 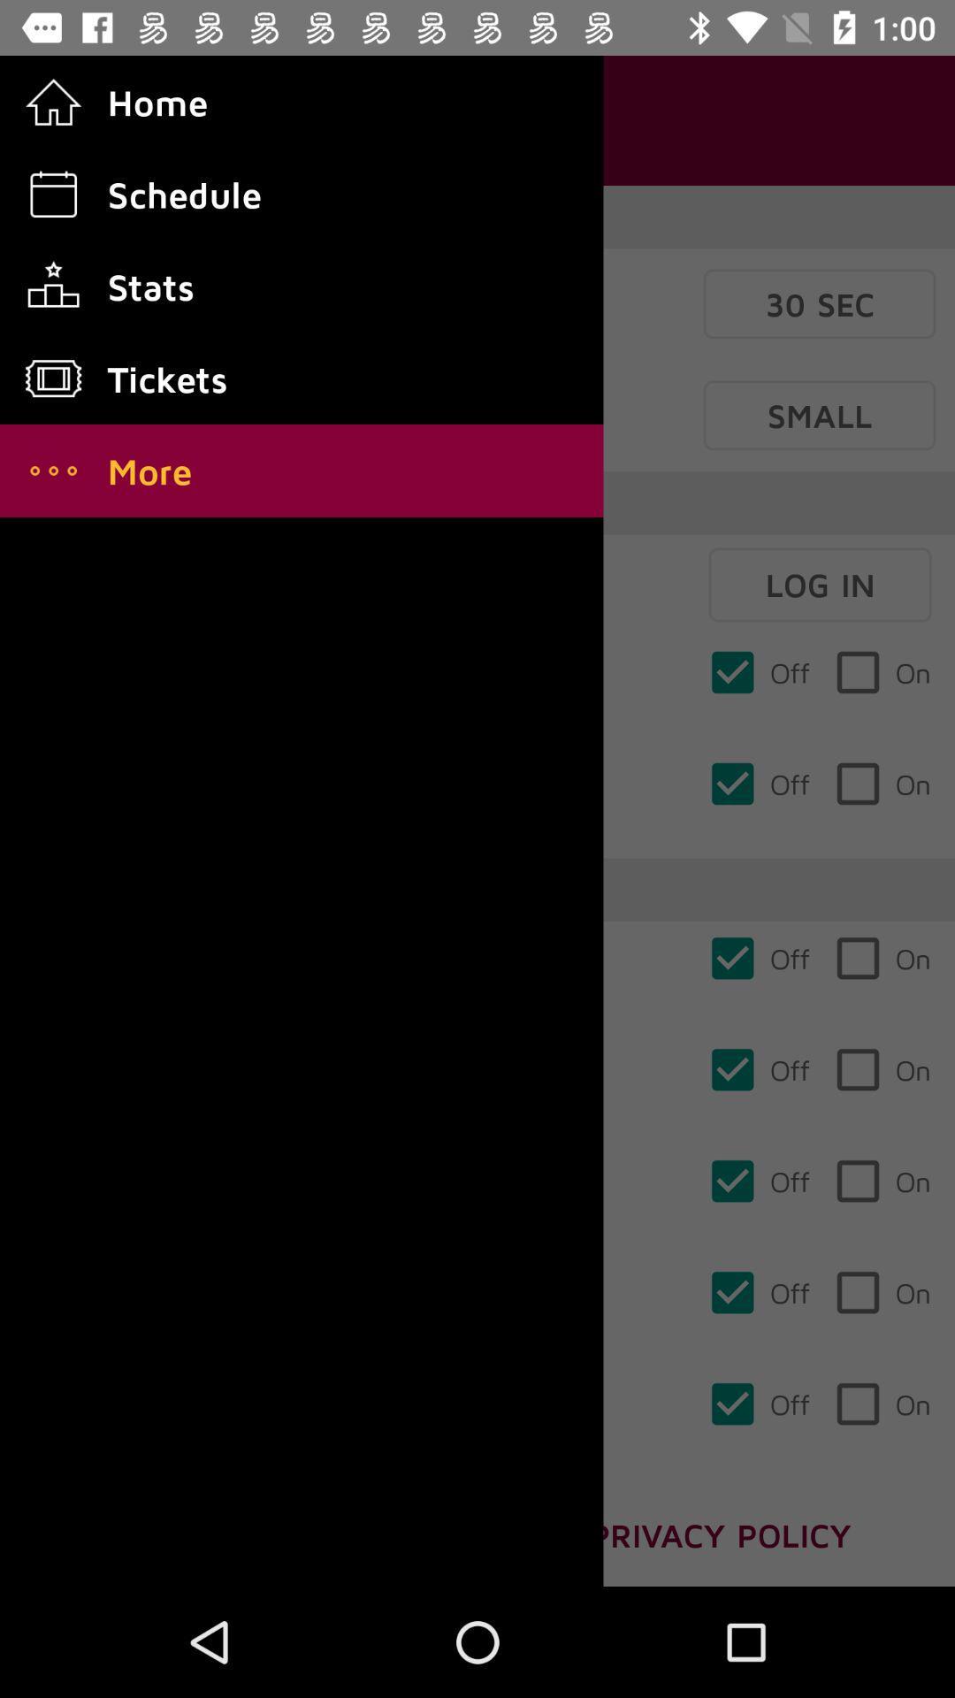 I want to click on privacy policy which is at the bottom right corner, so click(x=721, y=1534).